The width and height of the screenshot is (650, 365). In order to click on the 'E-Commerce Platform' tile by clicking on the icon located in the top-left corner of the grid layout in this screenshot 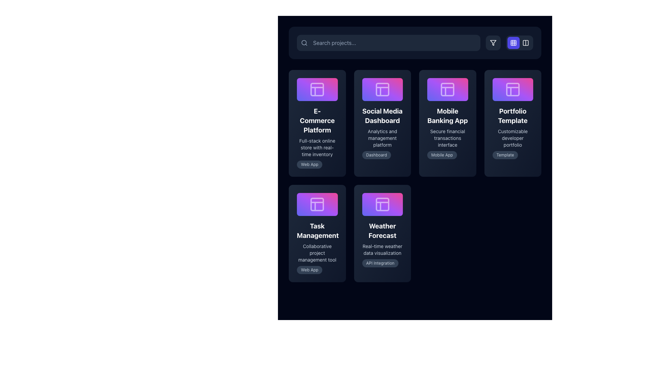, I will do `click(317, 89)`.